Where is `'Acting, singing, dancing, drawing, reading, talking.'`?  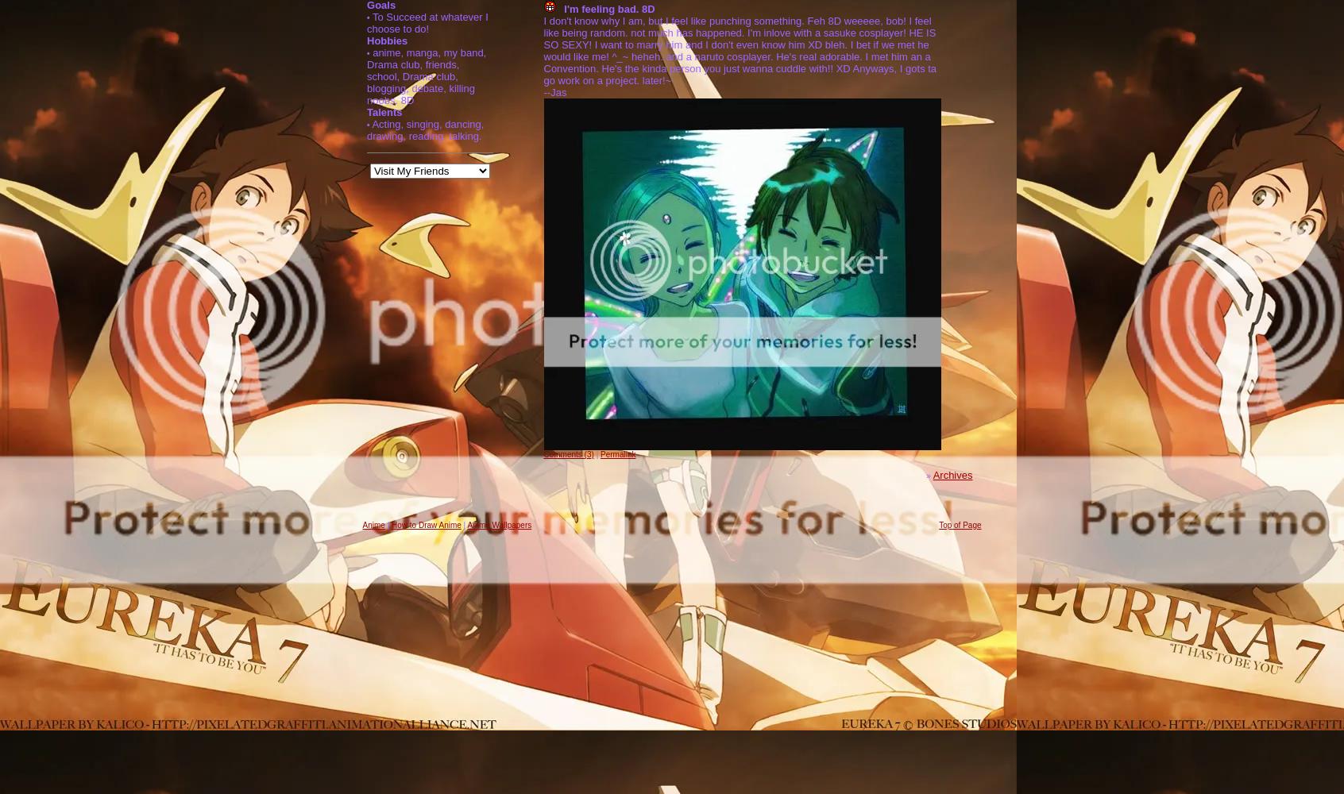 'Acting, singing, dancing, drawing, reading, talking.' is located at coordinates (425, 130).